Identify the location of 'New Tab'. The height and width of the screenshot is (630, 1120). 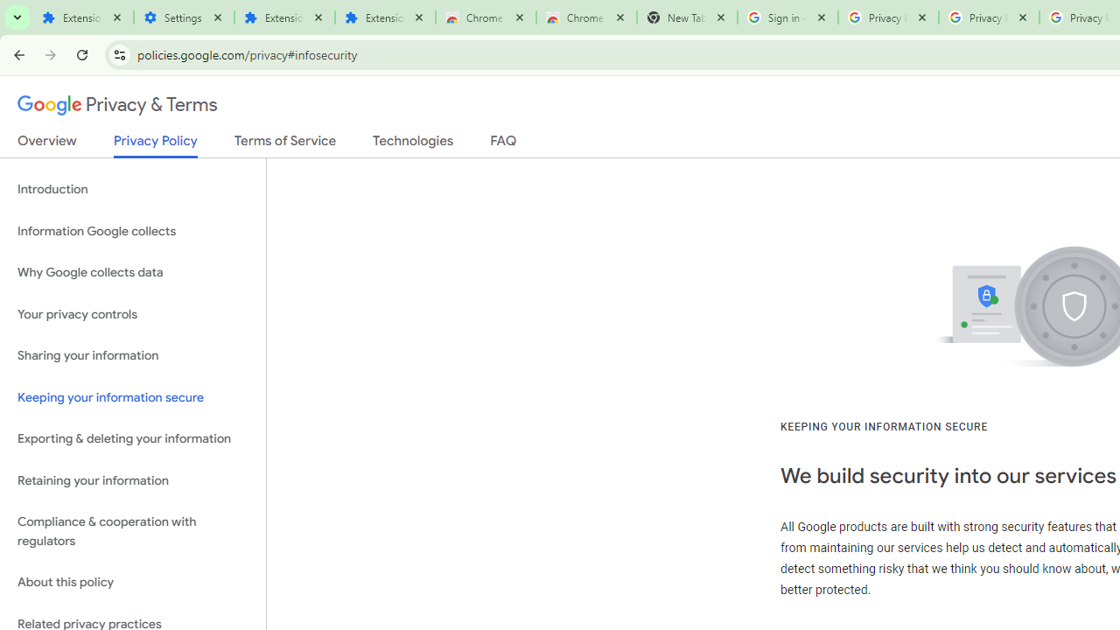
(686, 17).